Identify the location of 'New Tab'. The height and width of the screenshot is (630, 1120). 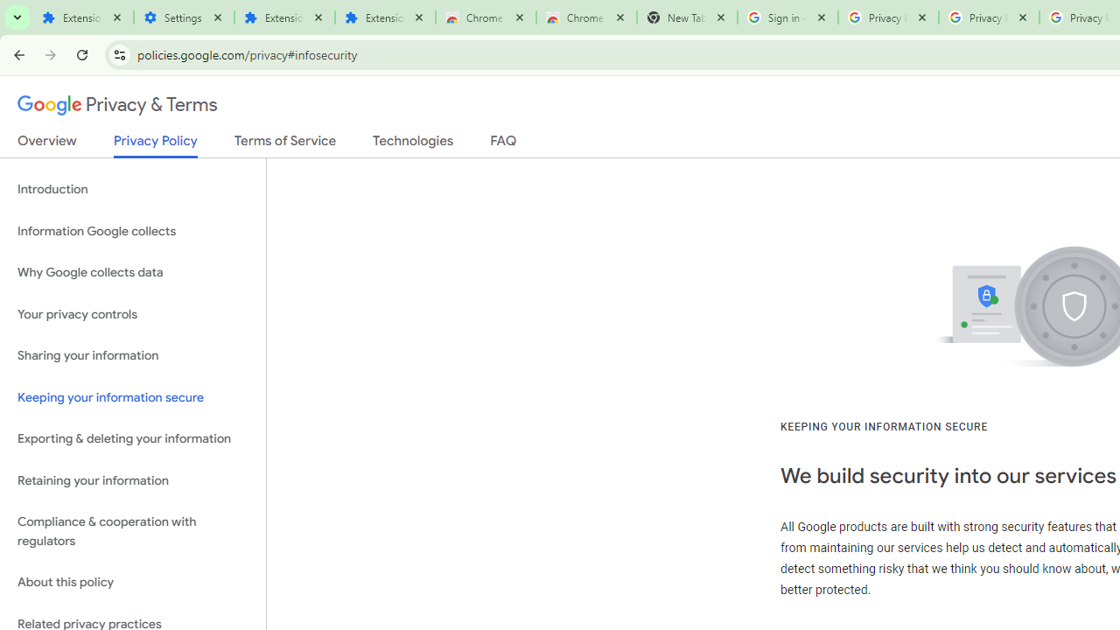
(686, 17).